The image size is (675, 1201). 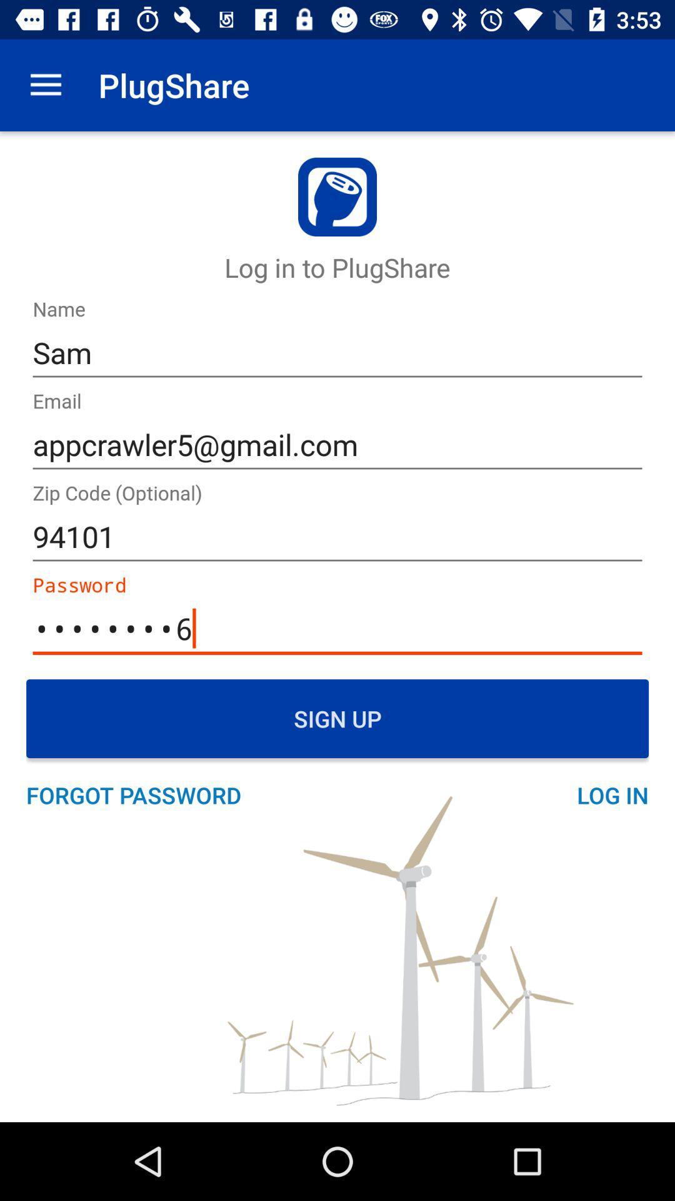 I want to click on forgot password, so click(x=140, y=794).